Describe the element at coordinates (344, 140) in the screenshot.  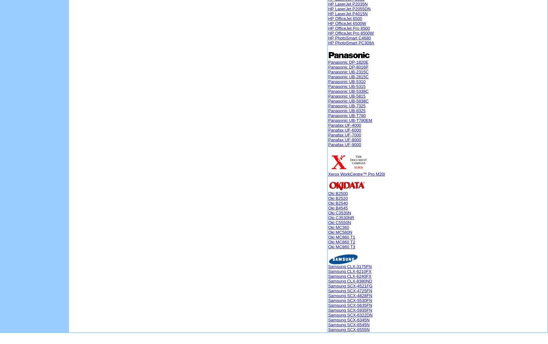
I see `'Panafax UF-8000'` at that location.